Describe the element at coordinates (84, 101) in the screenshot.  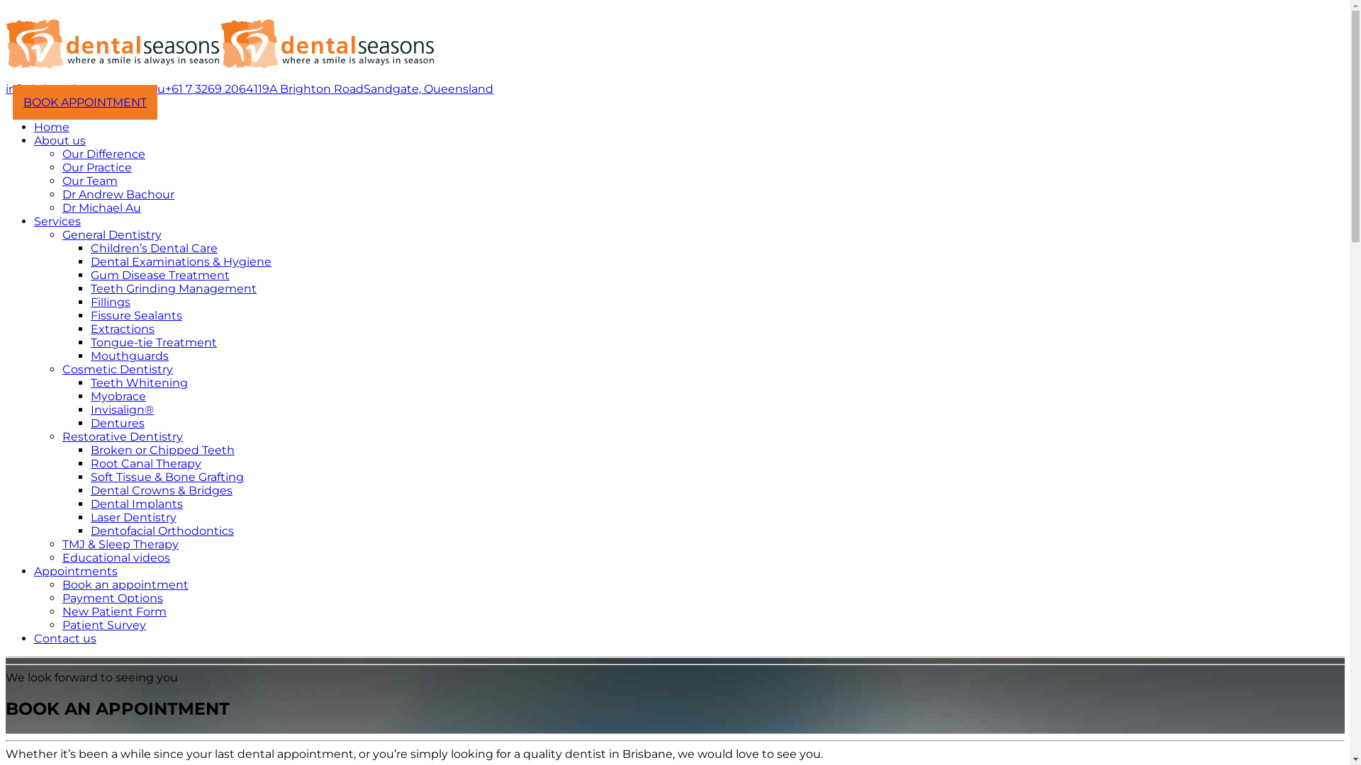
I see `'BOOK APPOINTMENT'` at that location.